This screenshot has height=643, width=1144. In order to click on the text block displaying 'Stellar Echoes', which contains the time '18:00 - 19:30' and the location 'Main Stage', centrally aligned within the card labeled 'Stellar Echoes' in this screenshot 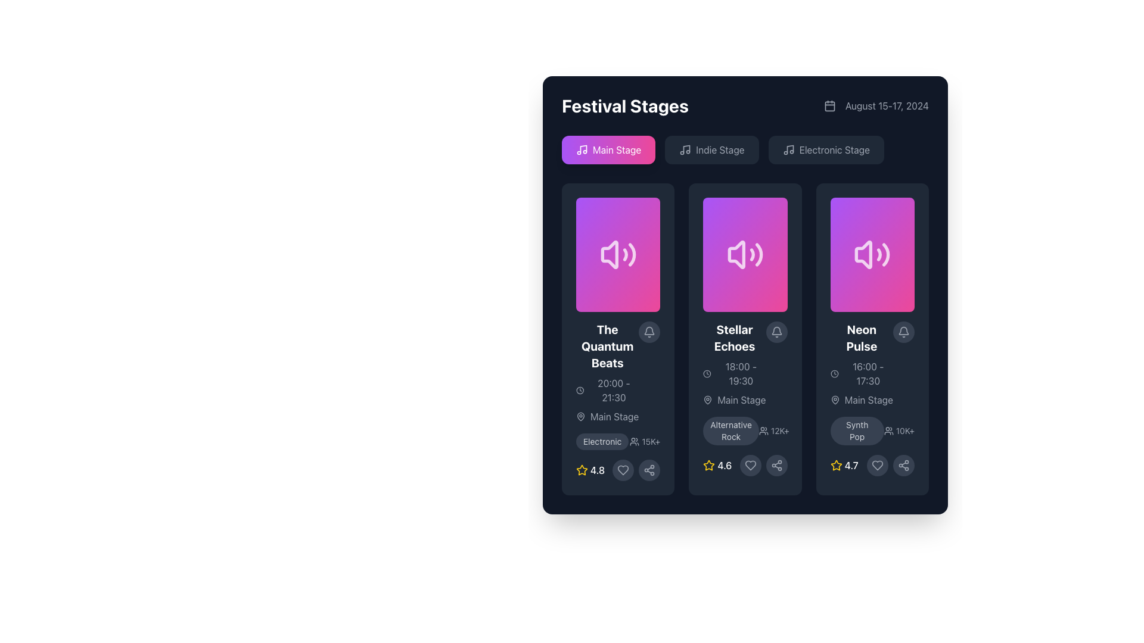, I will do `click(745, 364)`.